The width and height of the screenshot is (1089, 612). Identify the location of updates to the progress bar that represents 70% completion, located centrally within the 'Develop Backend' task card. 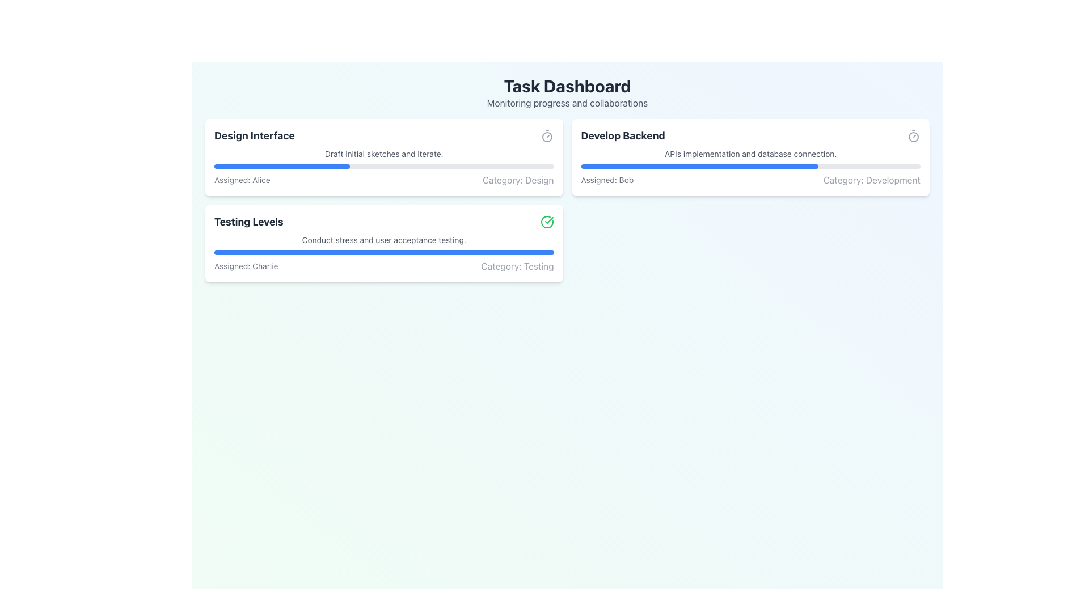
(750, 166).